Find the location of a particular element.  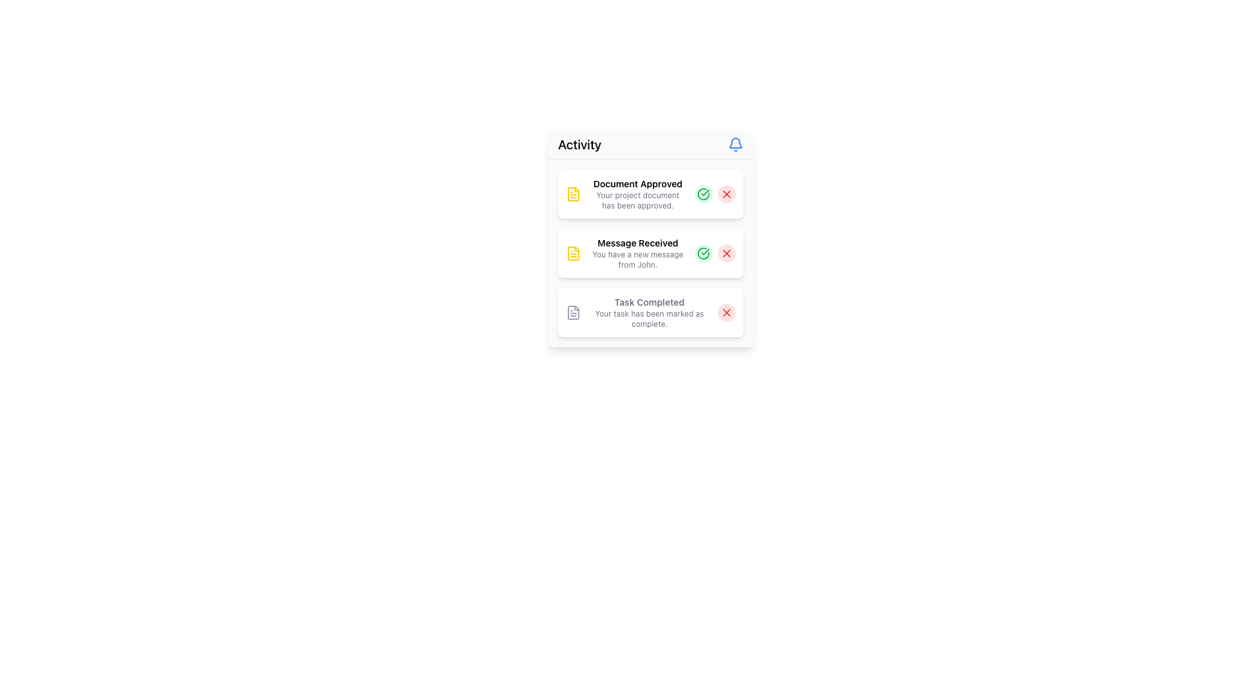

the dismiss icon represented by a minimalistic 'X' mark in the top-right corner of the notification list is located at coordinates (726, 253).